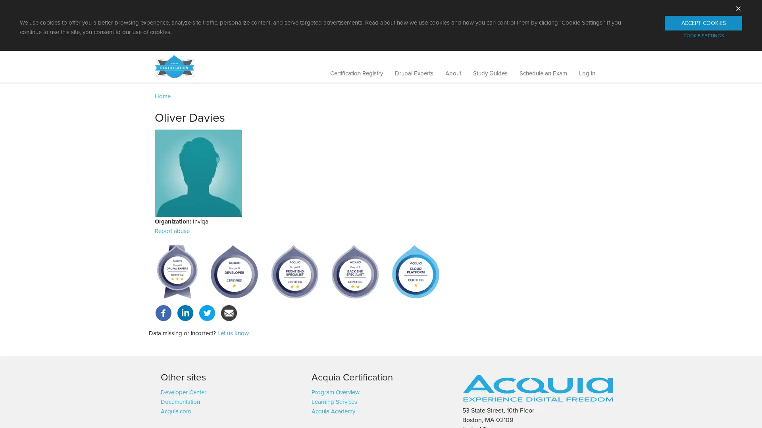  What do you see at coordinates (738, 7) in the screenshot?
I see `X` at bounding box center [738, 7].